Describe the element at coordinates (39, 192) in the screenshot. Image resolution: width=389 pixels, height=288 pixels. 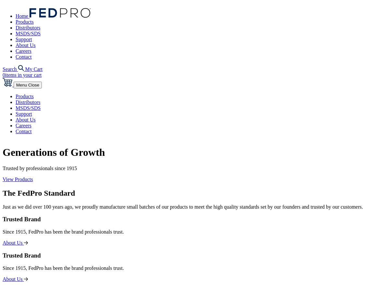
I see `'The FedPro Standard'` at that location.